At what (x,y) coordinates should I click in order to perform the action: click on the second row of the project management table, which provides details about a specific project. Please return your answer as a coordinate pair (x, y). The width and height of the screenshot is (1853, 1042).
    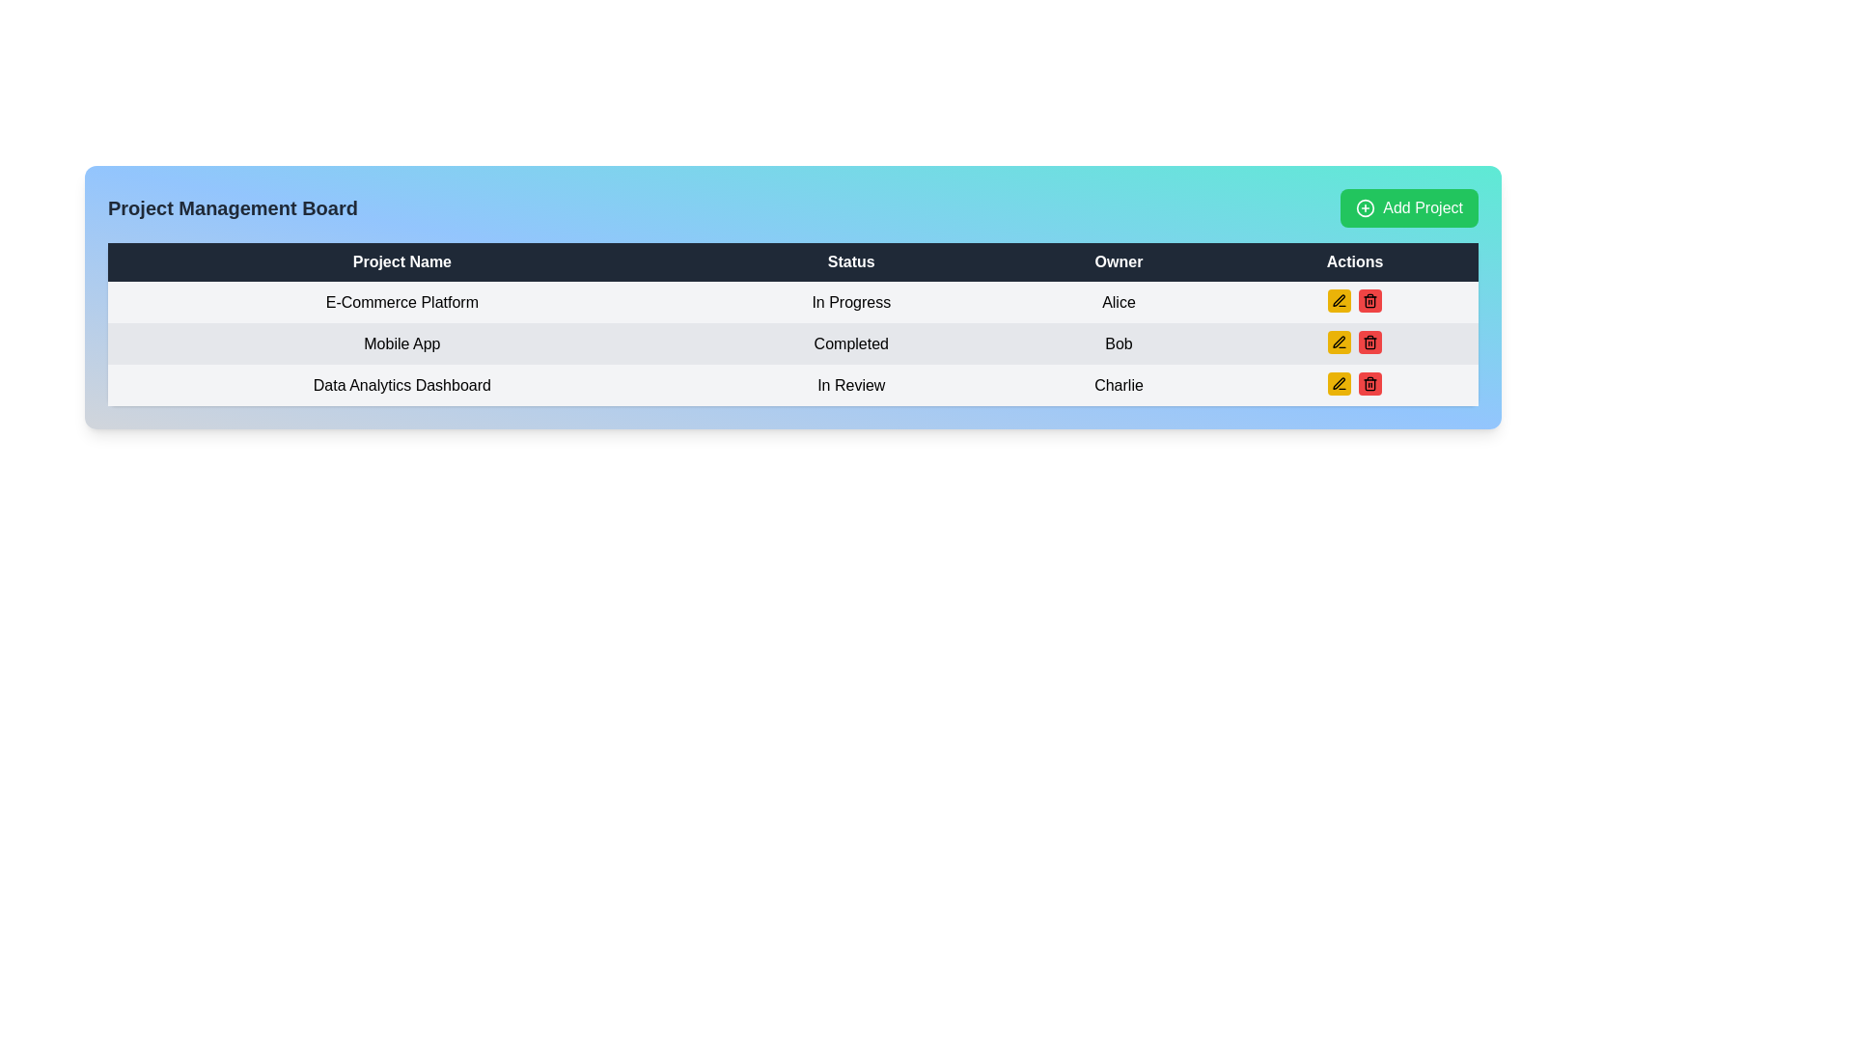
    Looking at the image, I should click on (792, 343).